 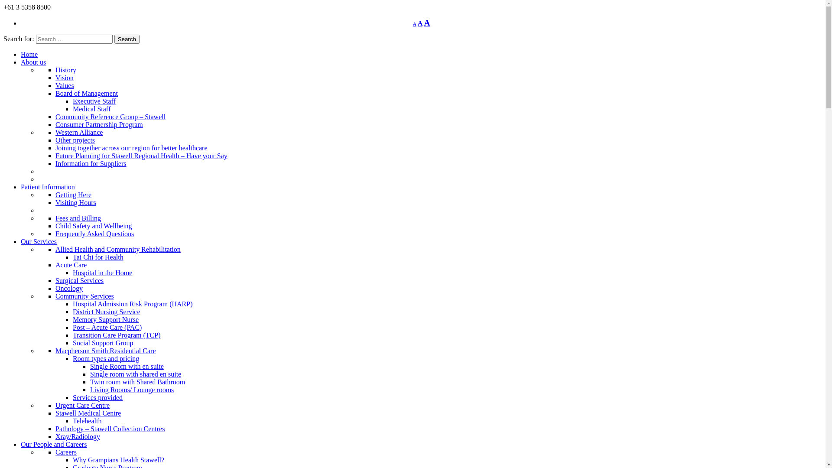 What do you see at coordinates (84, 296) in the screenshot?
I see `'Community Services'` at bounding box center [84, 296].